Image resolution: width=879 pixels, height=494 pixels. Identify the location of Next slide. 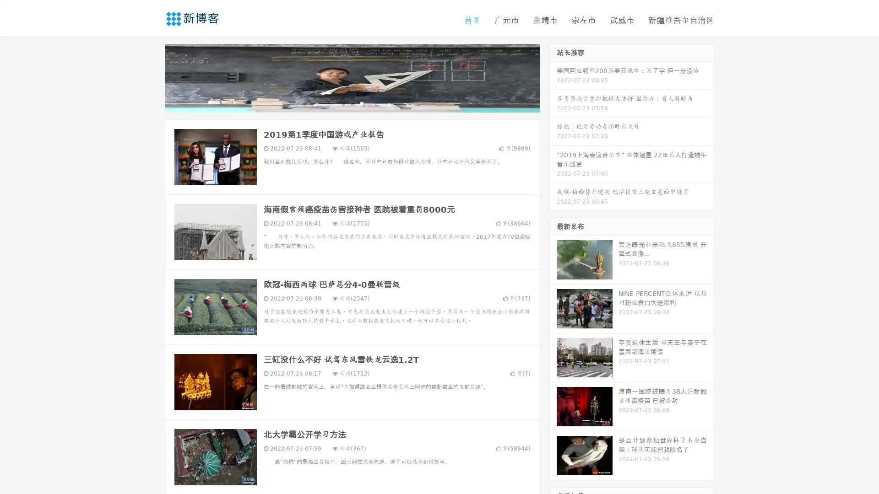
(553, 77).